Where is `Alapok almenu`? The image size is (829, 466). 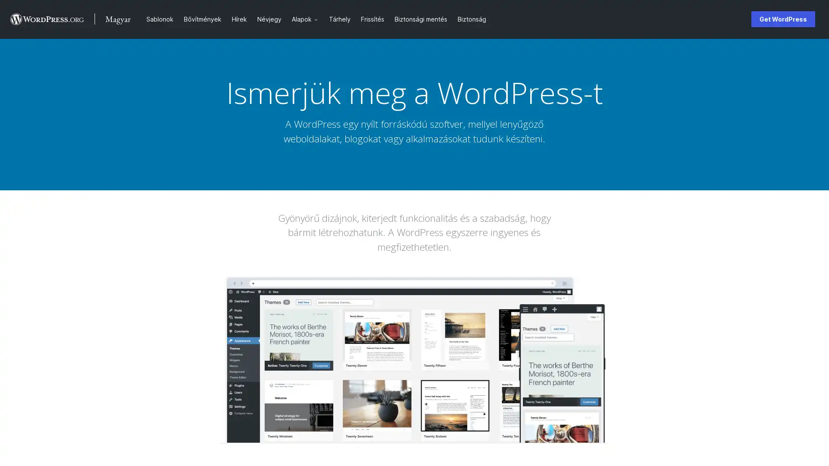 Alapok almenu is located at coordinates (318, 19).